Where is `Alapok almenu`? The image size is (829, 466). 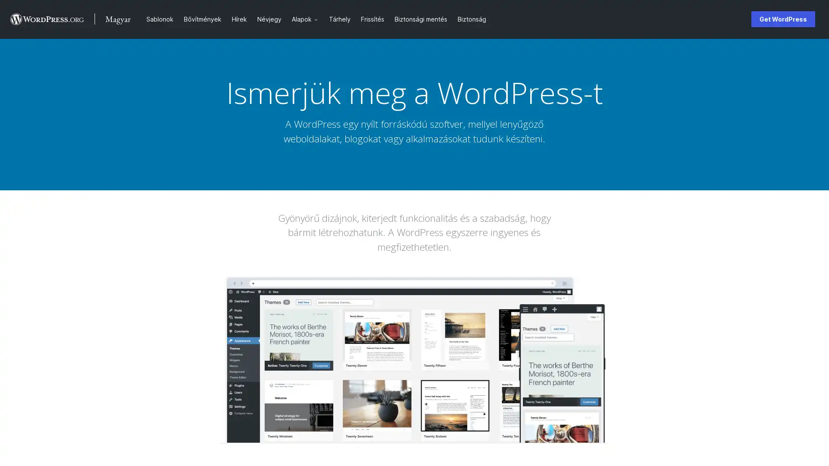 Alapok almenu is located at coordinates (318, 19).